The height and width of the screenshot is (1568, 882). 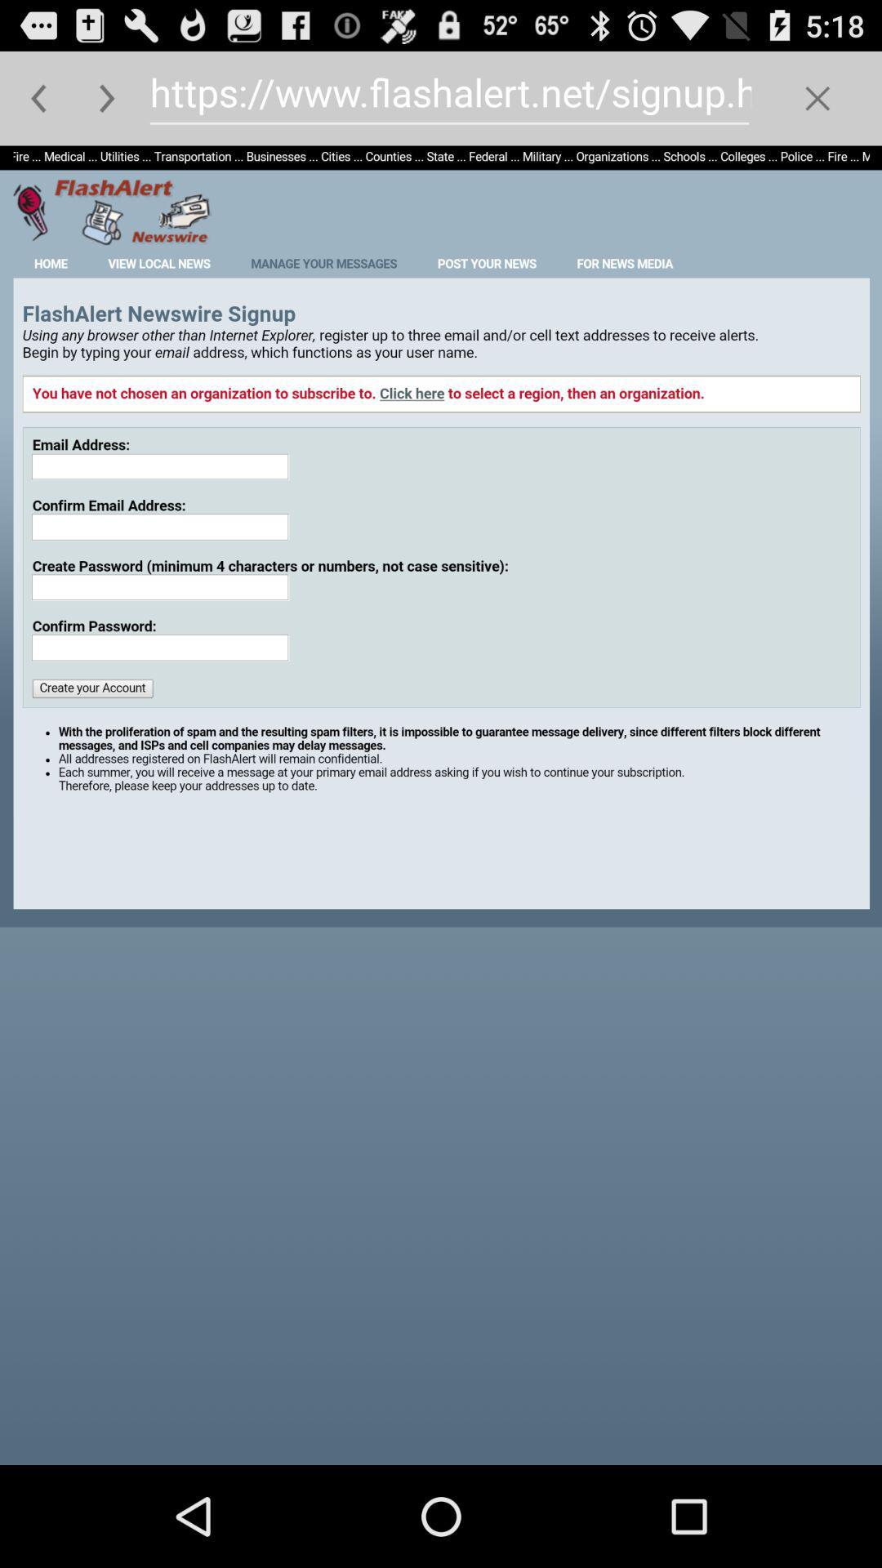 What do you see at coordinates (817, 105) in the screenshot?
I see `the close icon` at bounding box center [817, 105].